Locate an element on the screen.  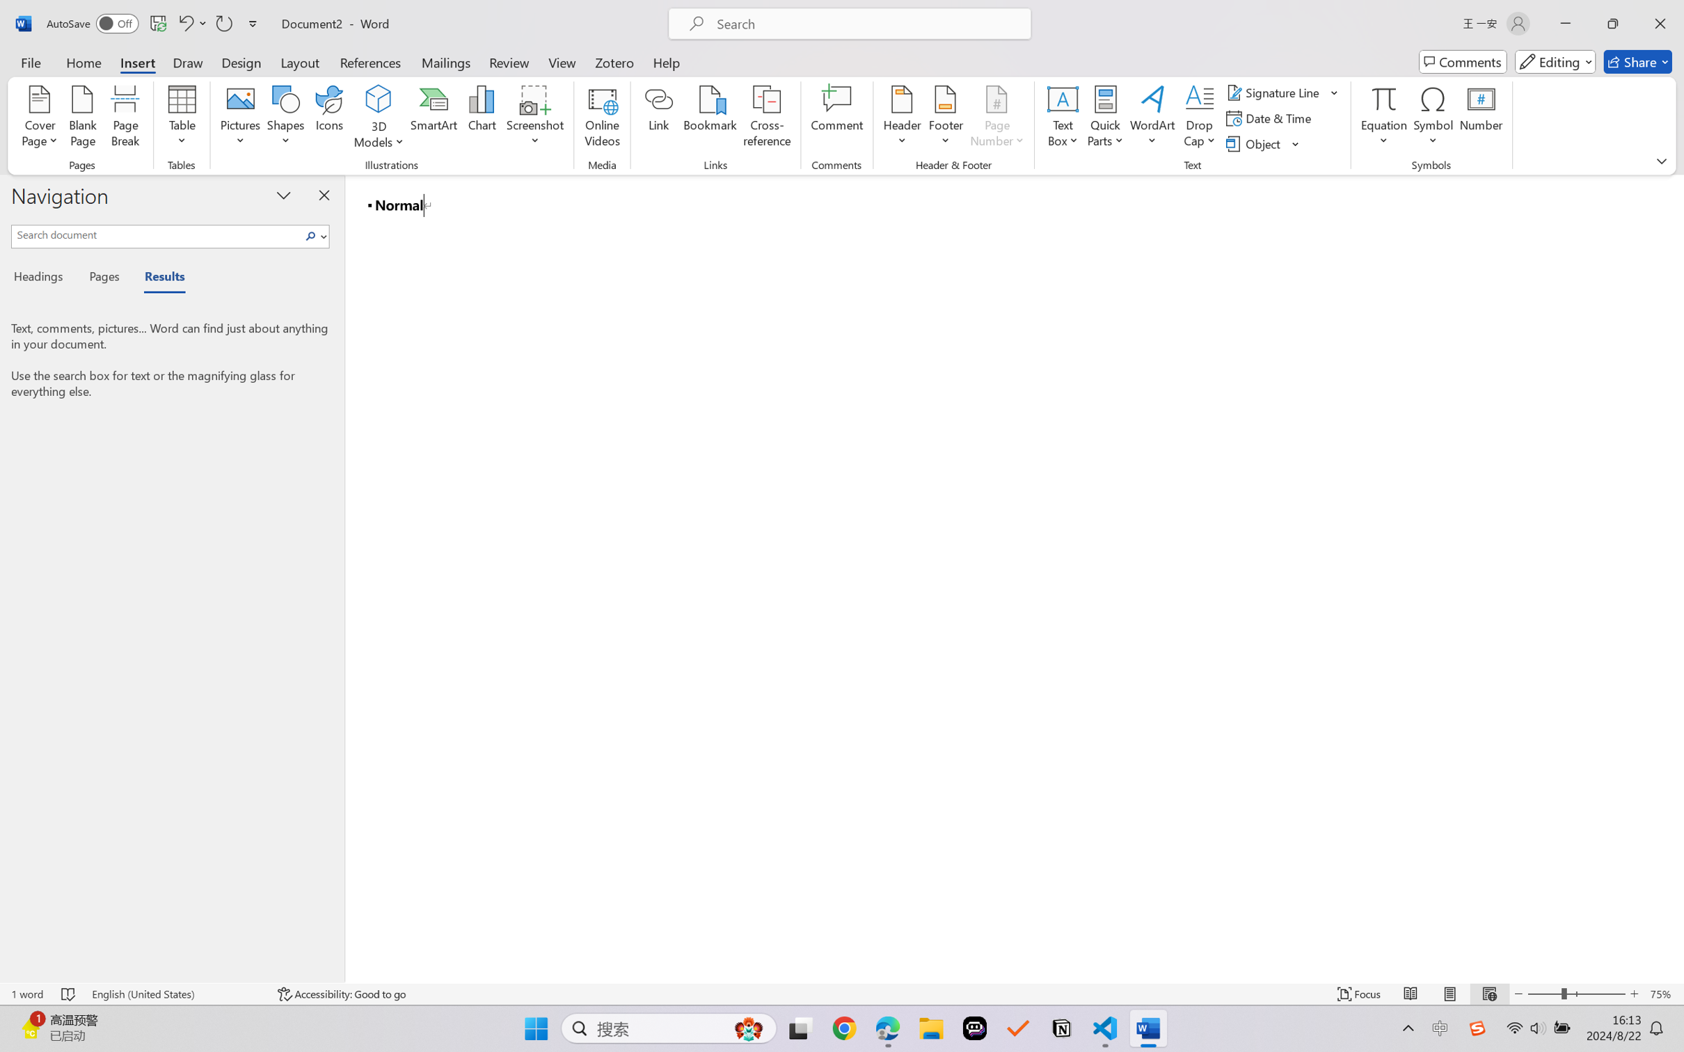
'Page Break' is located at coordinates (125, 118).